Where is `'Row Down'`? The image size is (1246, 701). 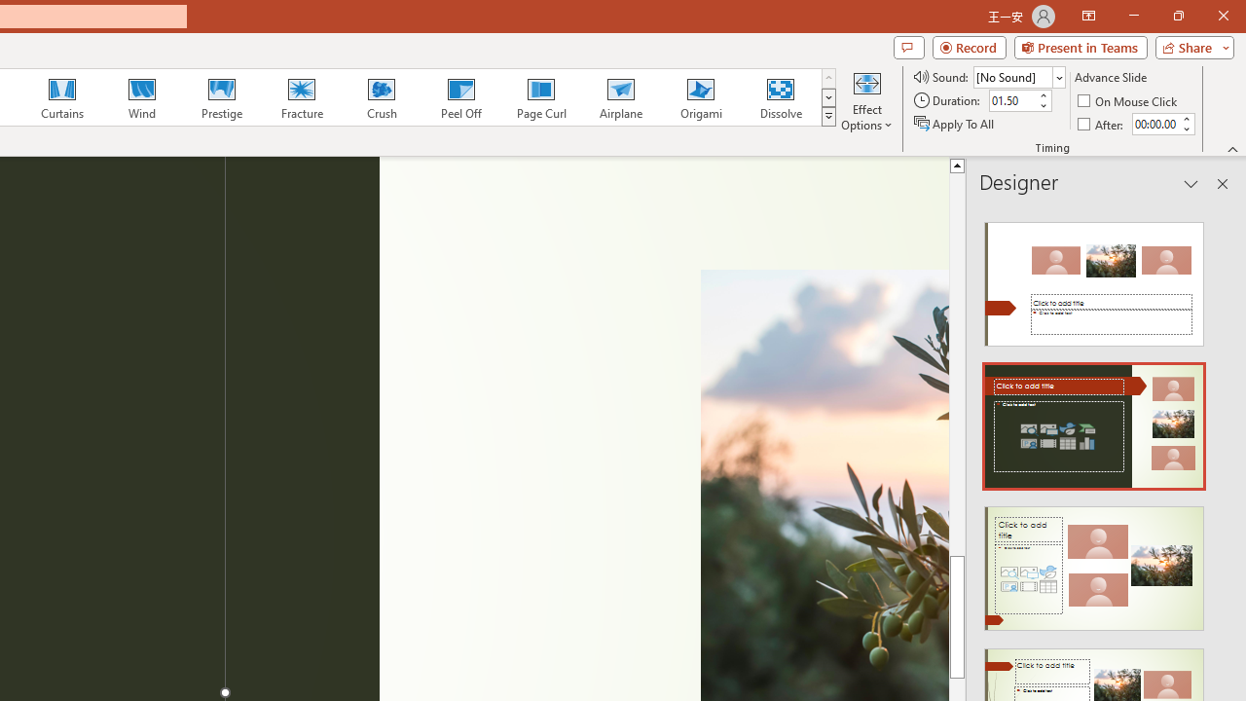 'Row Down' is located at coordinates (828, 97).